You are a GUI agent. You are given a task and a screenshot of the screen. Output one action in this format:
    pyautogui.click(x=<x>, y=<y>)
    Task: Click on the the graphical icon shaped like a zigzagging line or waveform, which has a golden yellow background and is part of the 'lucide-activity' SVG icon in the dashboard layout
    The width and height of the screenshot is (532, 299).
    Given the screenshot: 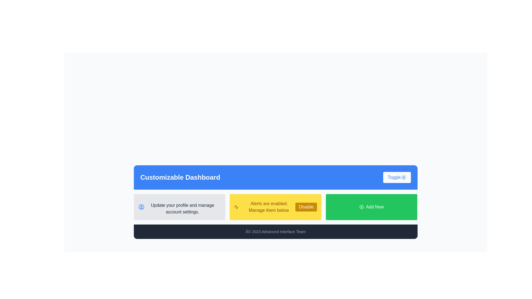 What is the action you would take?
    pyautogui.click(x=236, y=207)
    